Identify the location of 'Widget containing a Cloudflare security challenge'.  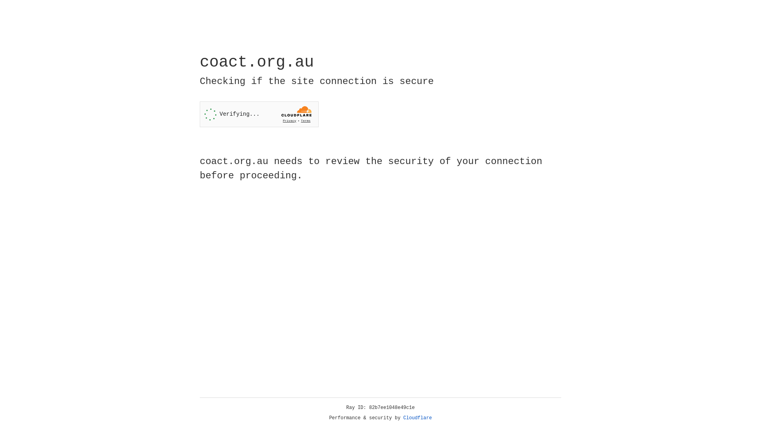
(259, 114).